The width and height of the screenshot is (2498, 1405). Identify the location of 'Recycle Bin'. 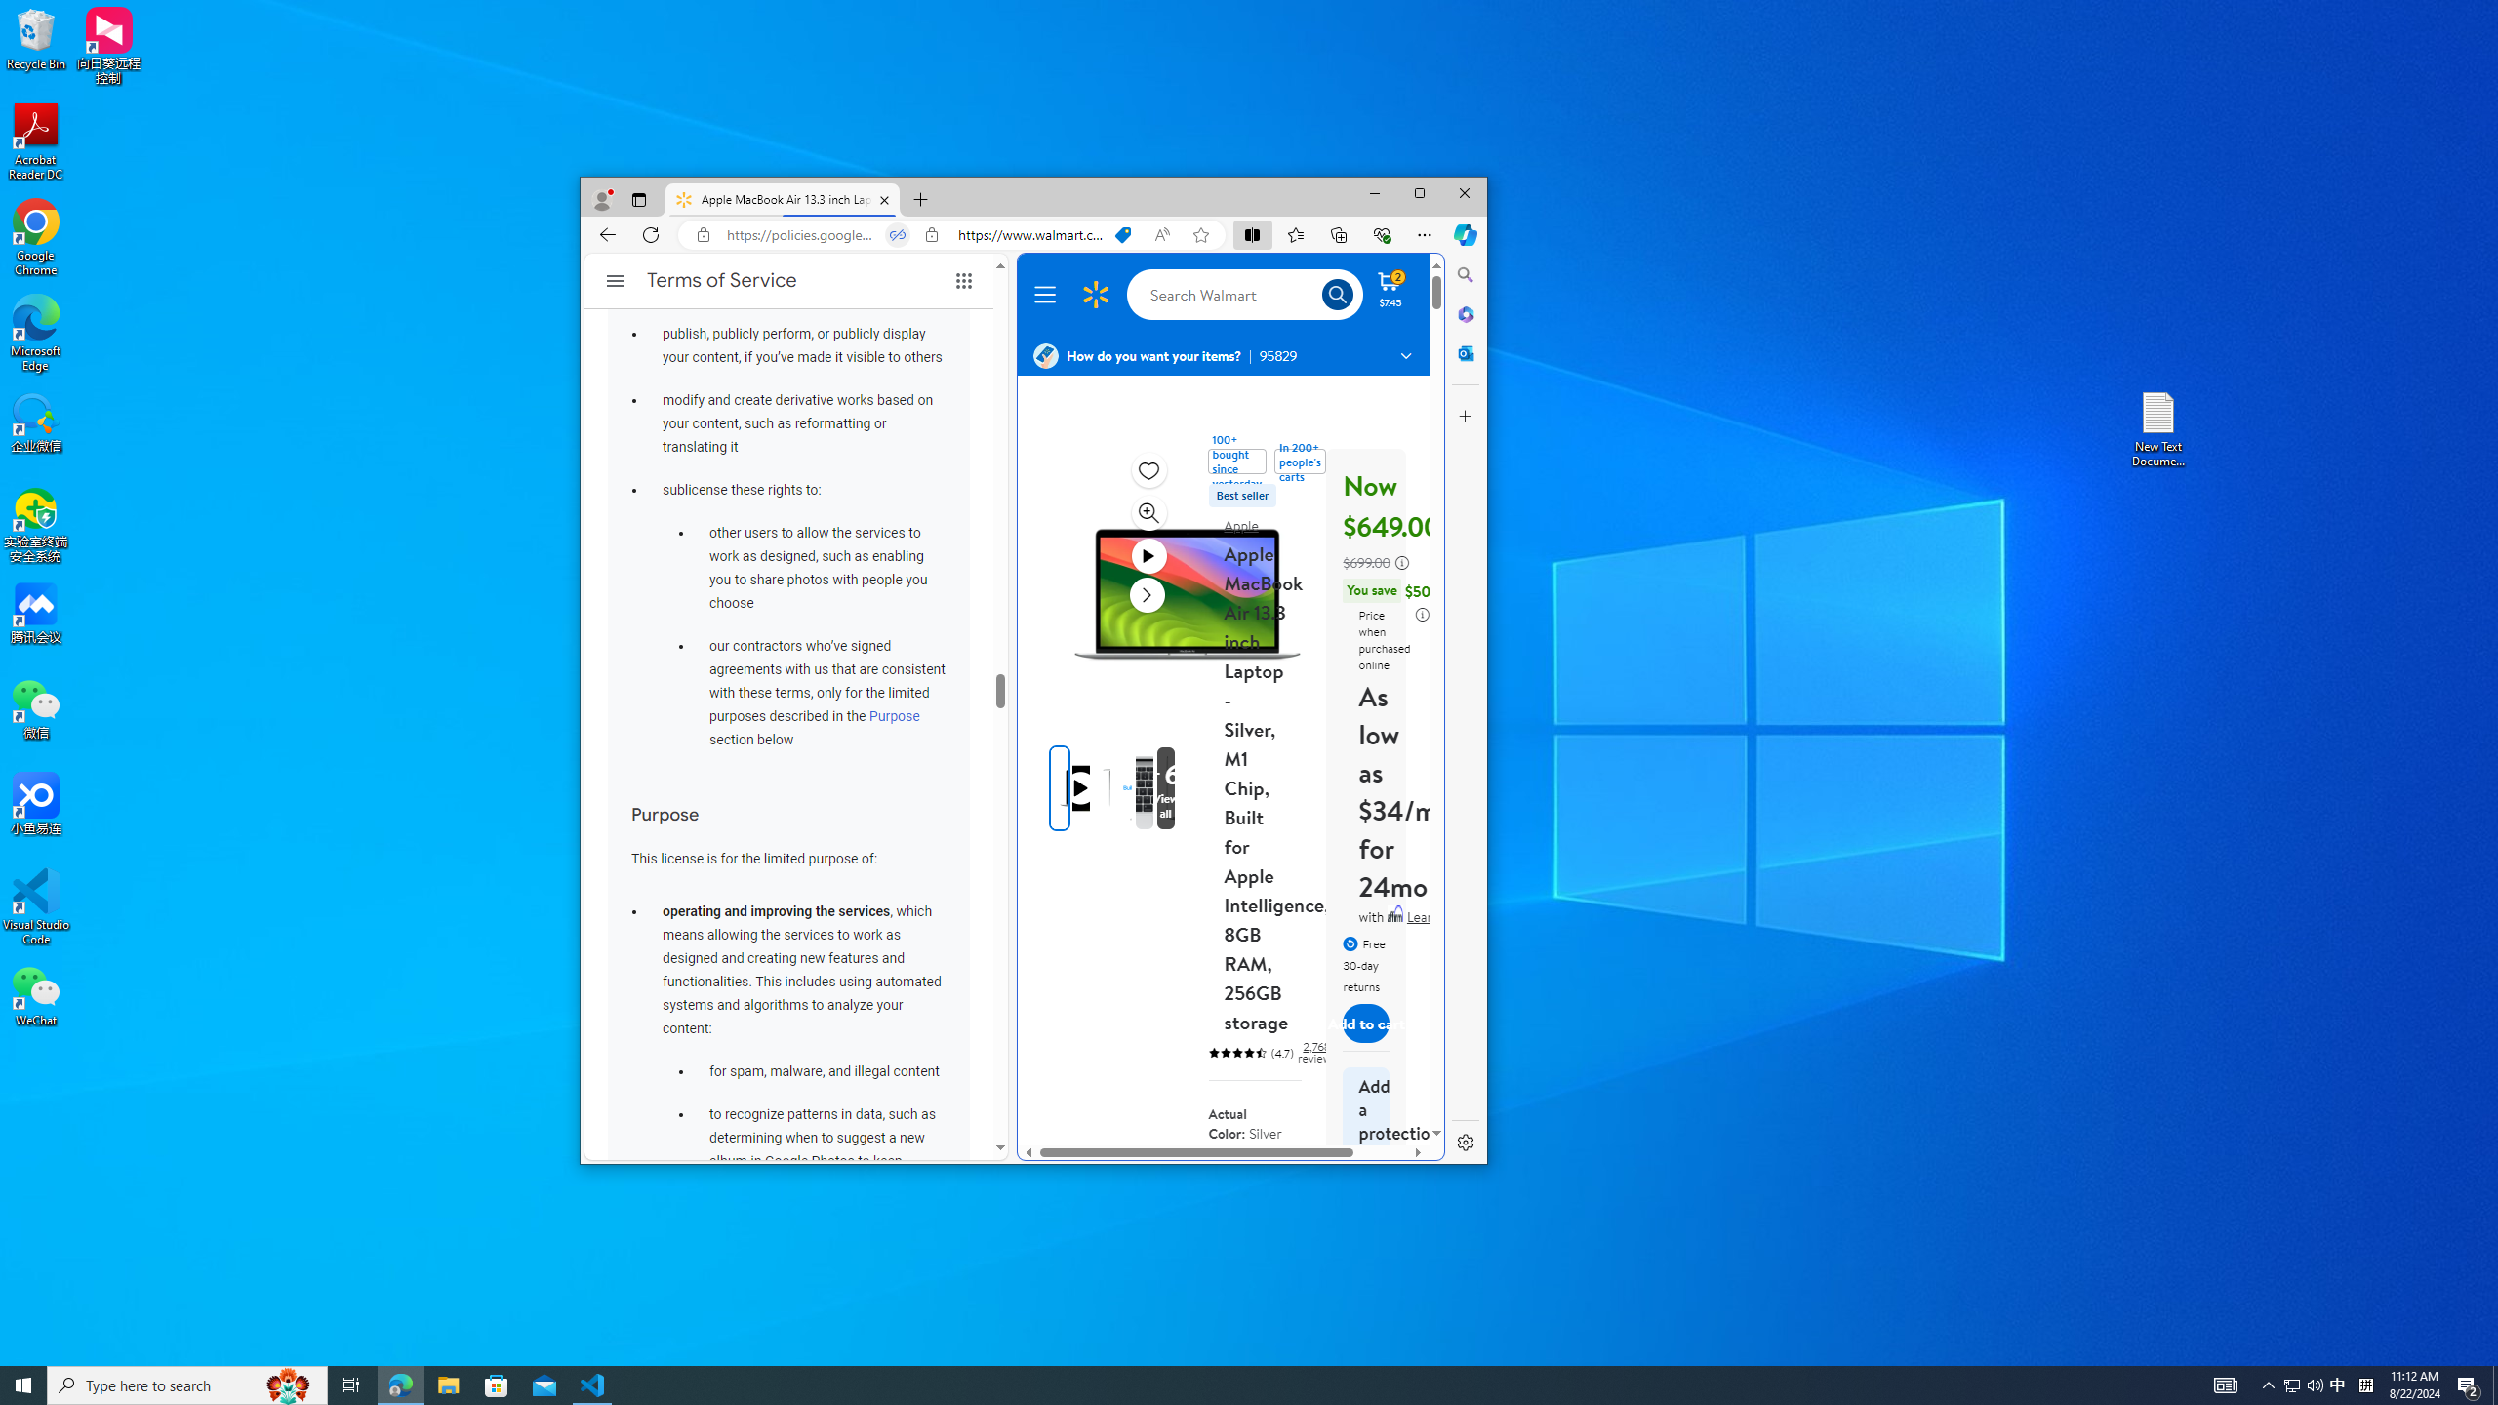
(35, 37).